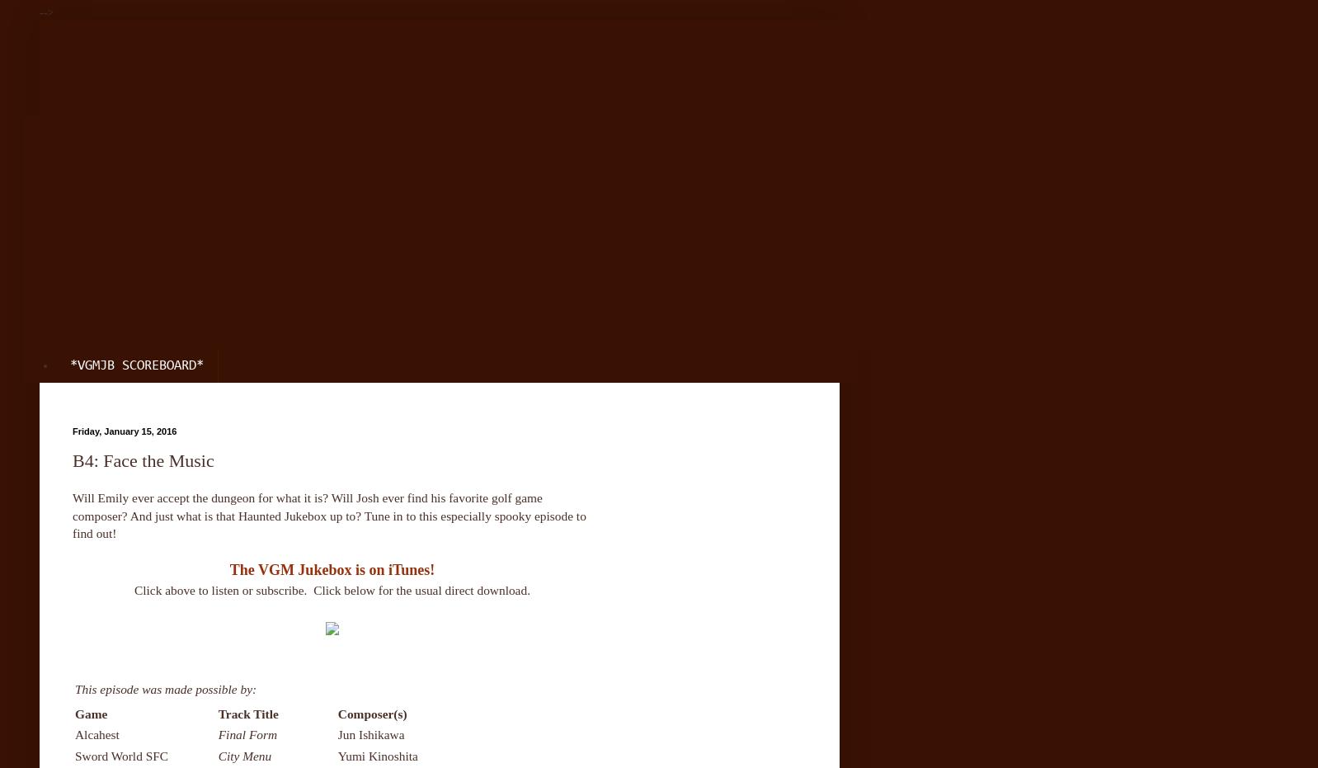 The width and height of the screenshot is (1318, 768). I want to click on 'Patreon', so click(69, 231).